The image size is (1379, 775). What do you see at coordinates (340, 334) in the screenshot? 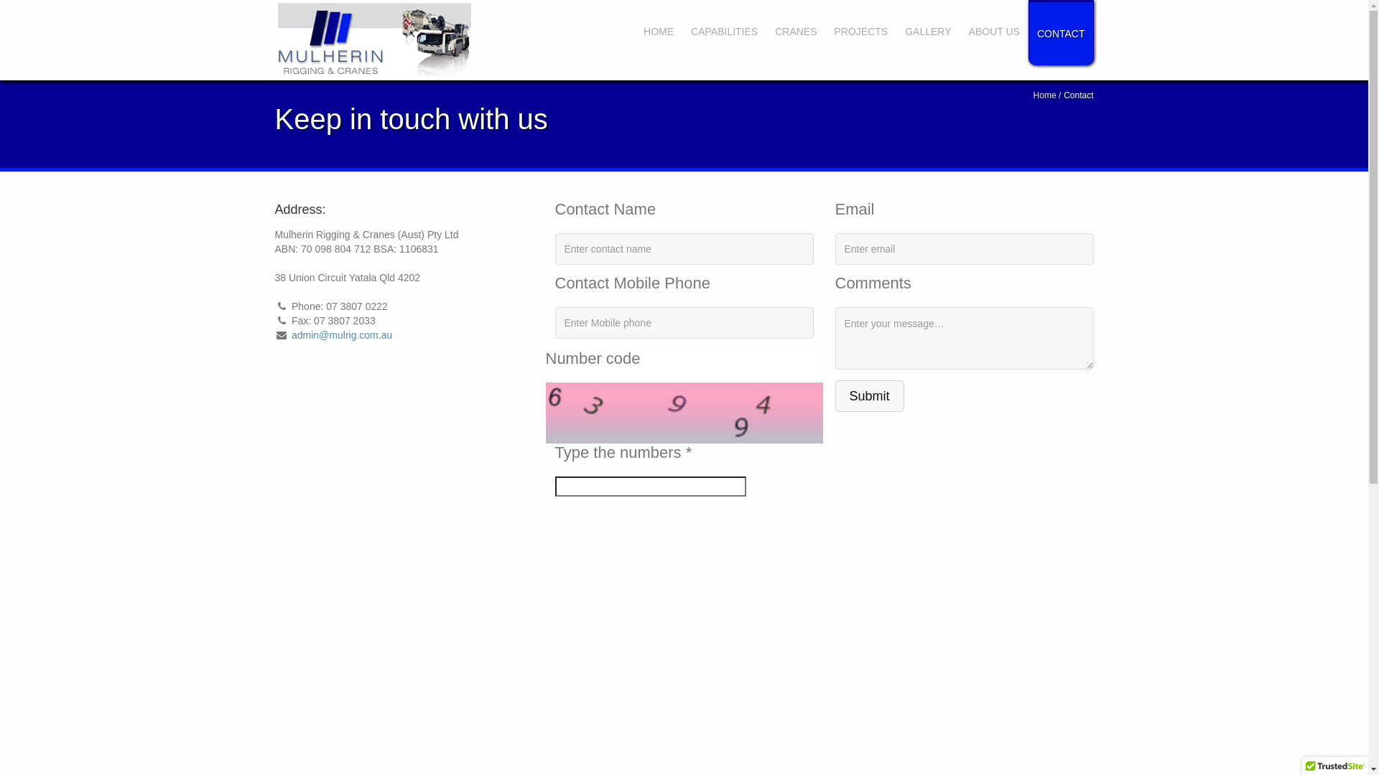
I see `'admin@mulrig.com.au'` at bounding box center [340, 334].